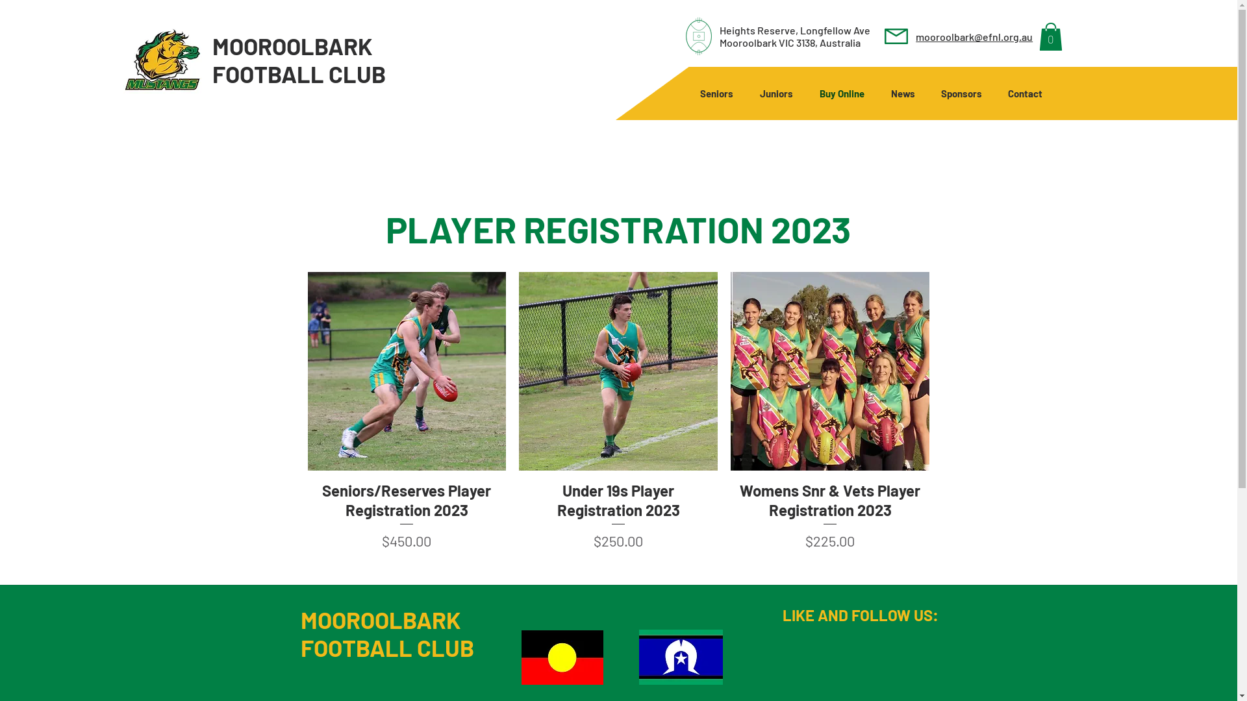 This screenshot has height=701, width=1247. Describe the element at coordinates (915, 36) in the screenshot. I see `'mooroolbark@efnl.org.au'` at that location.